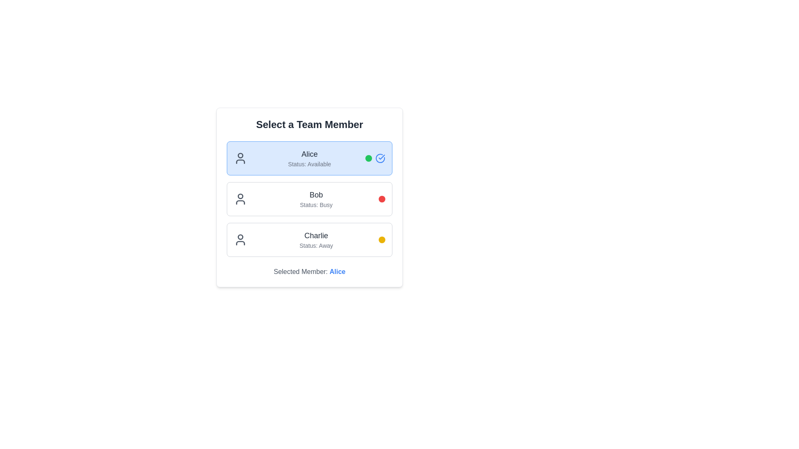  Describe the element at coordinates (240, 240) in the screenshot. I see `the gray-colored user icon representing the 'Charlie' team member, which is positioned to the left of the text content in the third item of the 'Select a Team Member' list` at that location.